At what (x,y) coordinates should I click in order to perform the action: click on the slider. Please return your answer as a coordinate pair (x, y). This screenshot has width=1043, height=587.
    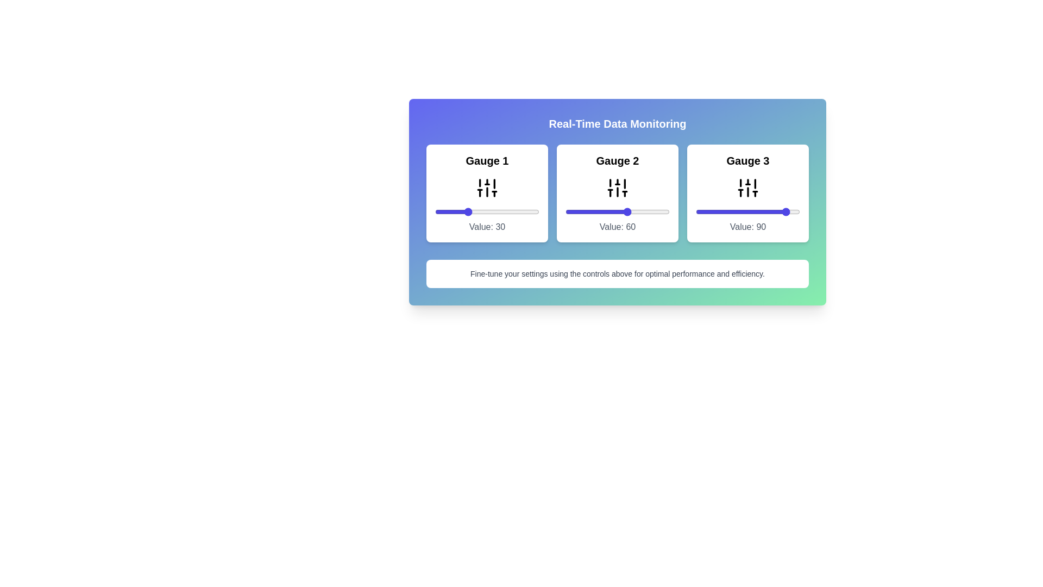
    Looking at the image, I should click on (636, 211).